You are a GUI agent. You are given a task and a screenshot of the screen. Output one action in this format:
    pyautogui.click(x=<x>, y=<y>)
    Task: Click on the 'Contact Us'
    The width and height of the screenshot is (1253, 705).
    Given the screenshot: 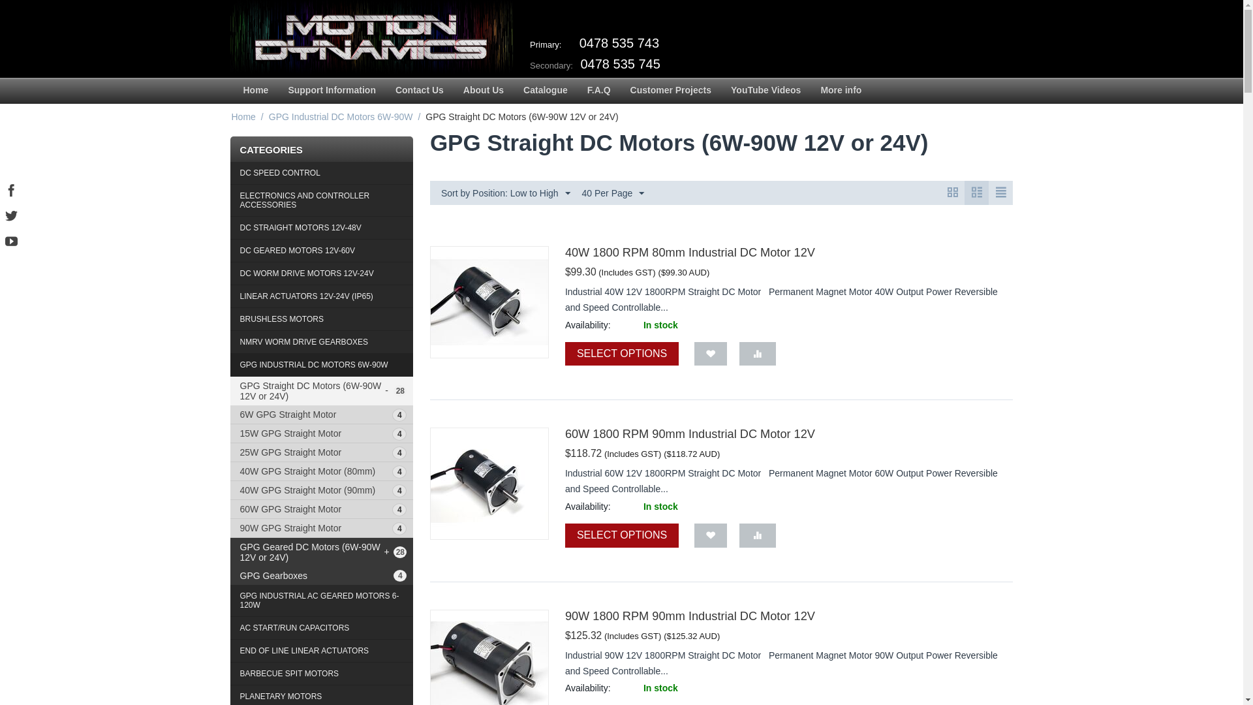 What is the action you would take?
    pyautogui.click(x=420, y=90)
    